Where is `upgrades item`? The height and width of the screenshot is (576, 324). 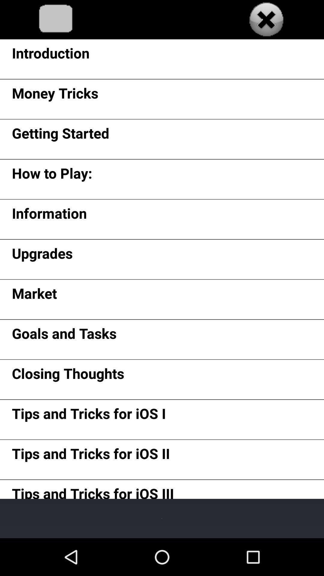
upgrades item is located at coordinates (42, 255).